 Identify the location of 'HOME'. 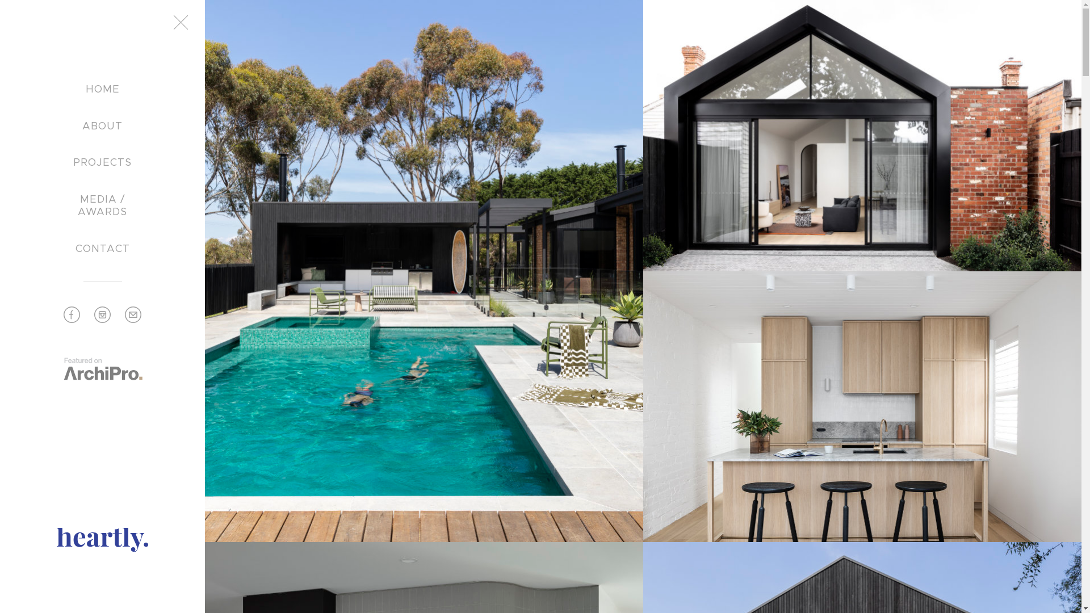
(102, 89).